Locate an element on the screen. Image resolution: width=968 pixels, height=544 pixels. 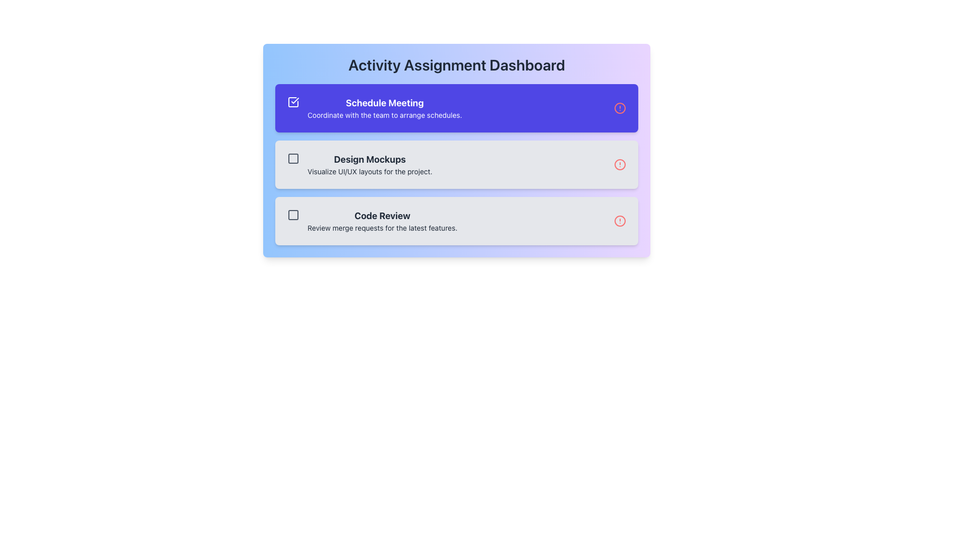
the checkbox-like indicator with a checkmark symbol on a blue background, located to the left of the 'Schedule Meeting' text is located at coordinates (292, 102).